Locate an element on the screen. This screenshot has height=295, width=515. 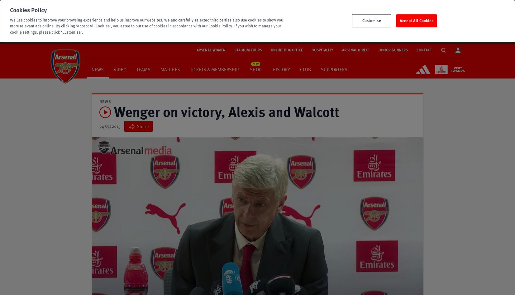
'Online Box Office' is located at coordinates (286, 50).